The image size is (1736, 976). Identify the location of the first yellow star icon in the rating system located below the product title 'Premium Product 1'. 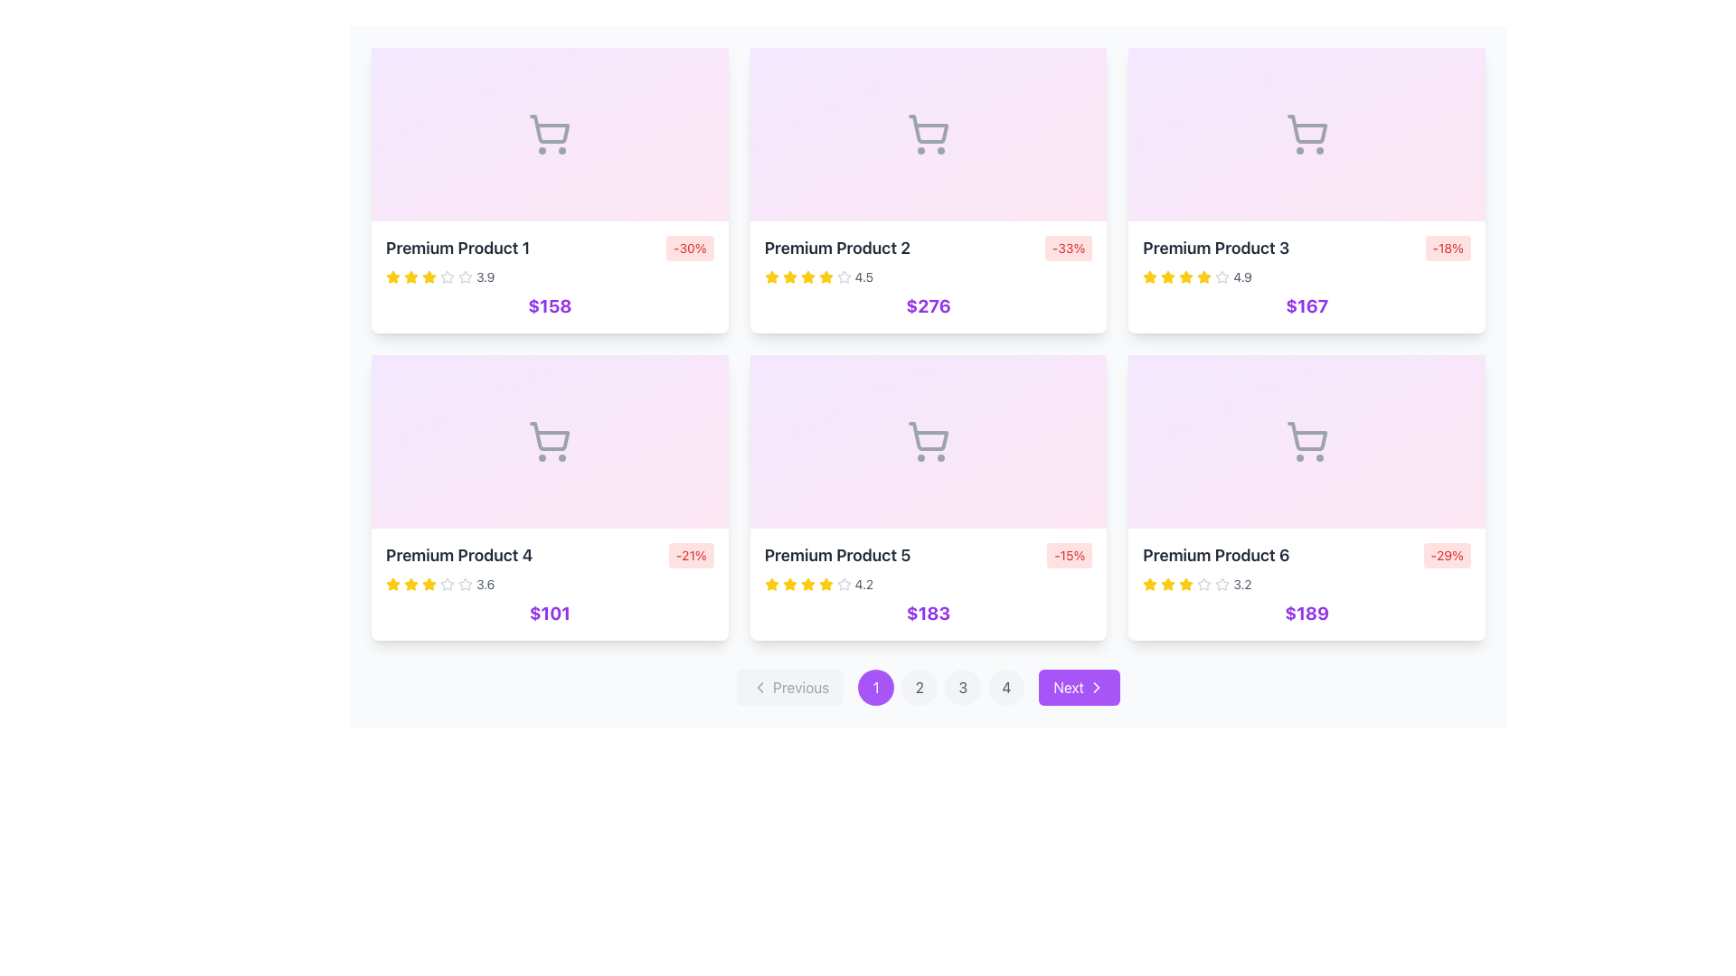
(392, 277).